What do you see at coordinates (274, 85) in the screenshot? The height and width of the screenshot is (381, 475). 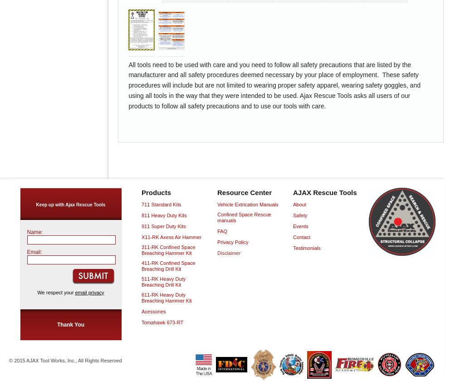 I see `'All tools need to be used with care and you need to follow all safety precautions that are listed by the manufacturer and all safety procedures deemed necessary by your place of employment.  These safety procedures will include but are not limited to wearing proper safety apparel, wearing safety goggles, and using all tools in the way that they were intended to be used. Ajax Rescue Tools asks all users of our products to follow all safety precautions and to use our tools with care.'` at bounding box center [274, 85].